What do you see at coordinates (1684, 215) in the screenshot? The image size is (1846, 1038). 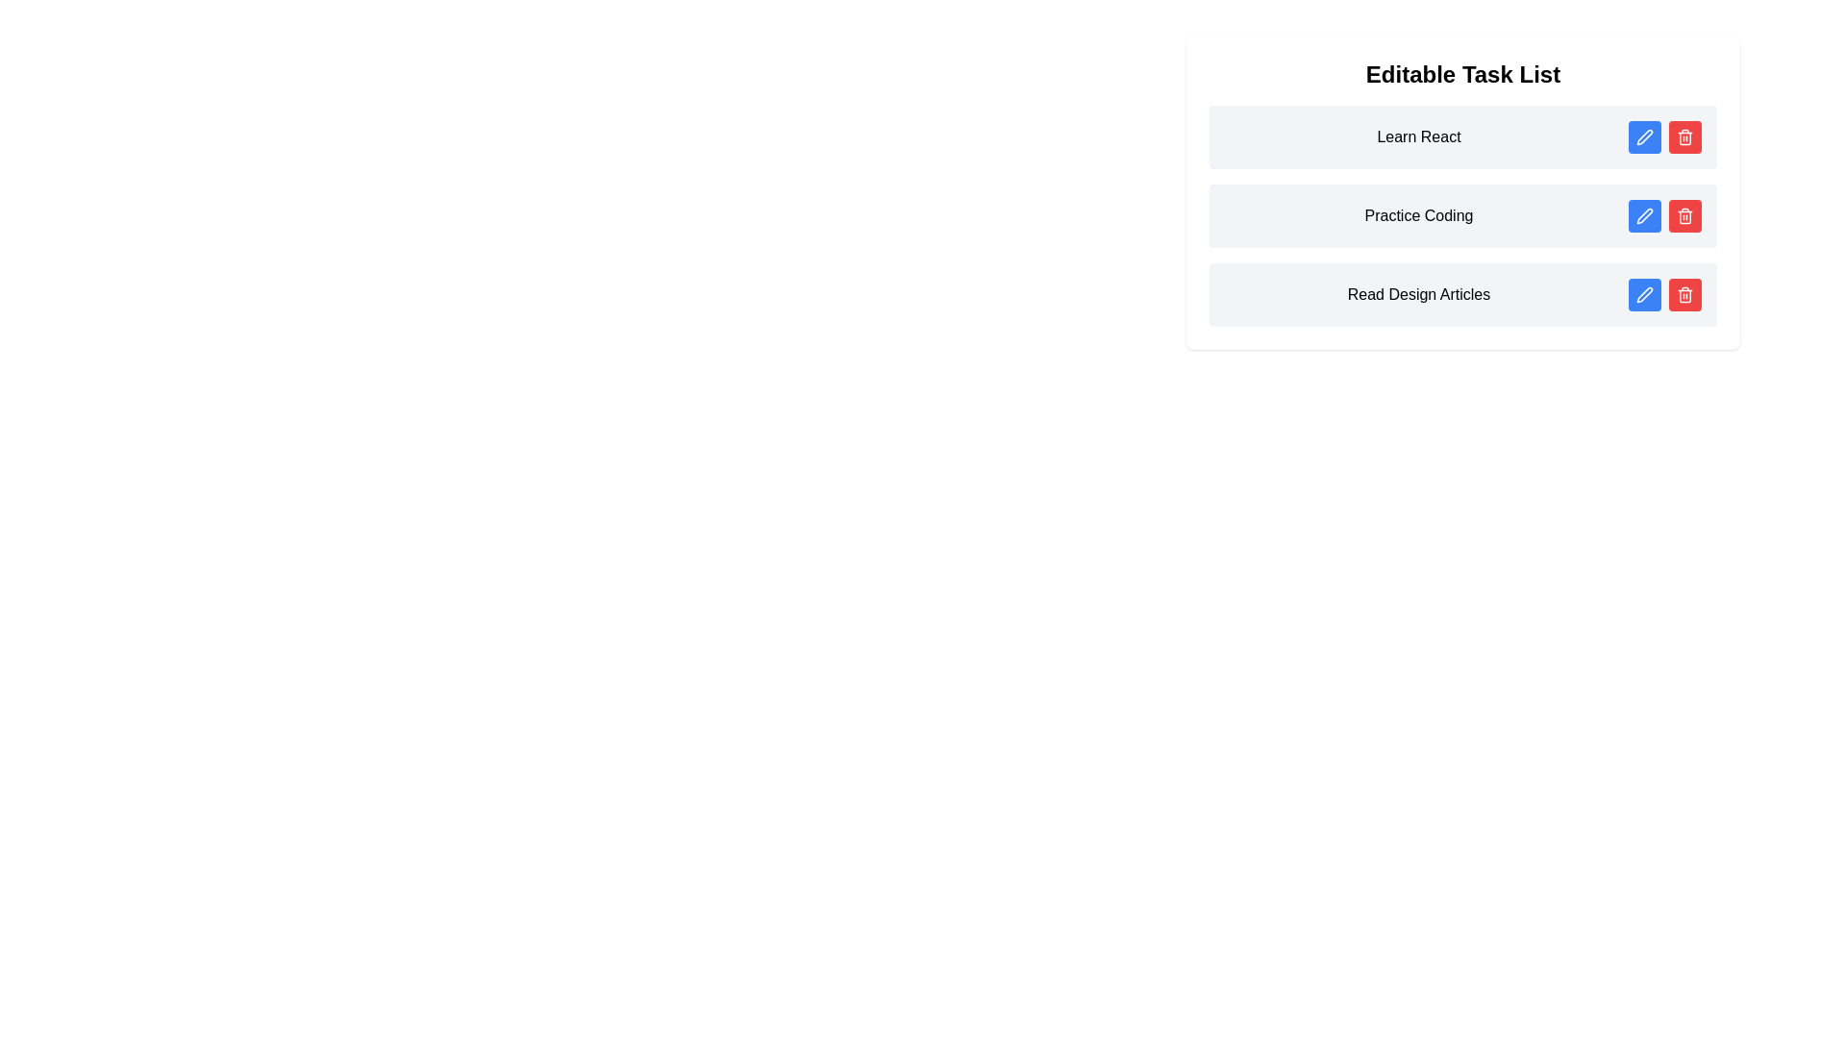 I see `the delete button with a red background and a trash bin icon` at bounding box center [1684, 215].